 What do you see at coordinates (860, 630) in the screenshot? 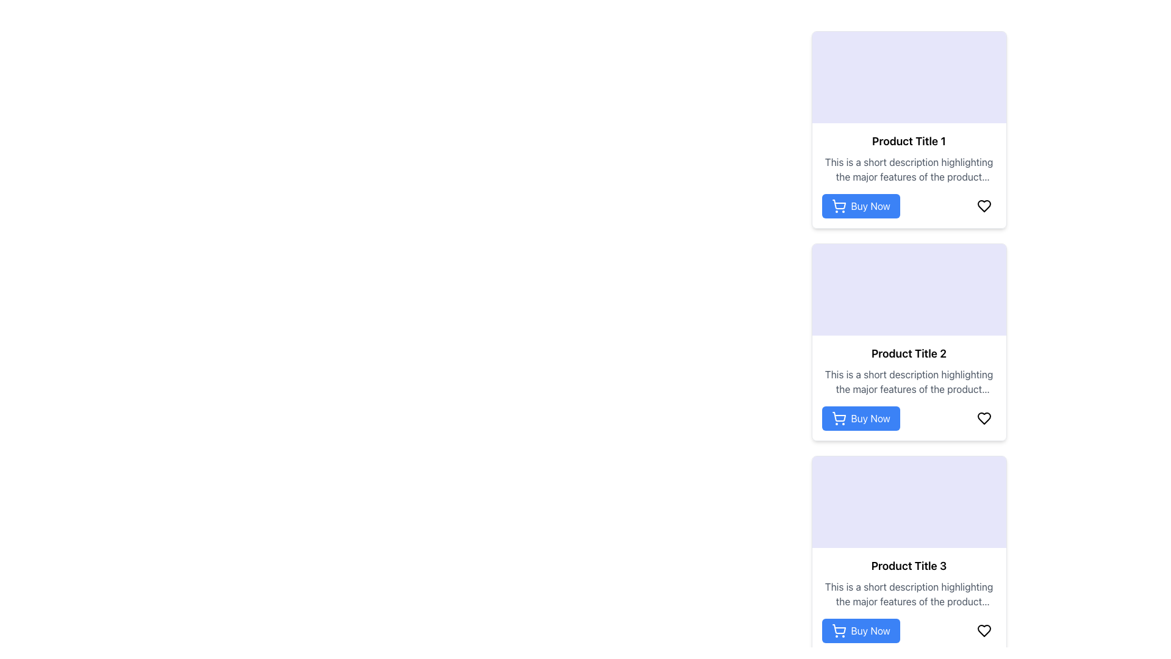
I see `the 'Buy Now' button with a shopping cart icon located at the bottom of the card labeled 'Product Title 3'` at bounding box center [860, 630].